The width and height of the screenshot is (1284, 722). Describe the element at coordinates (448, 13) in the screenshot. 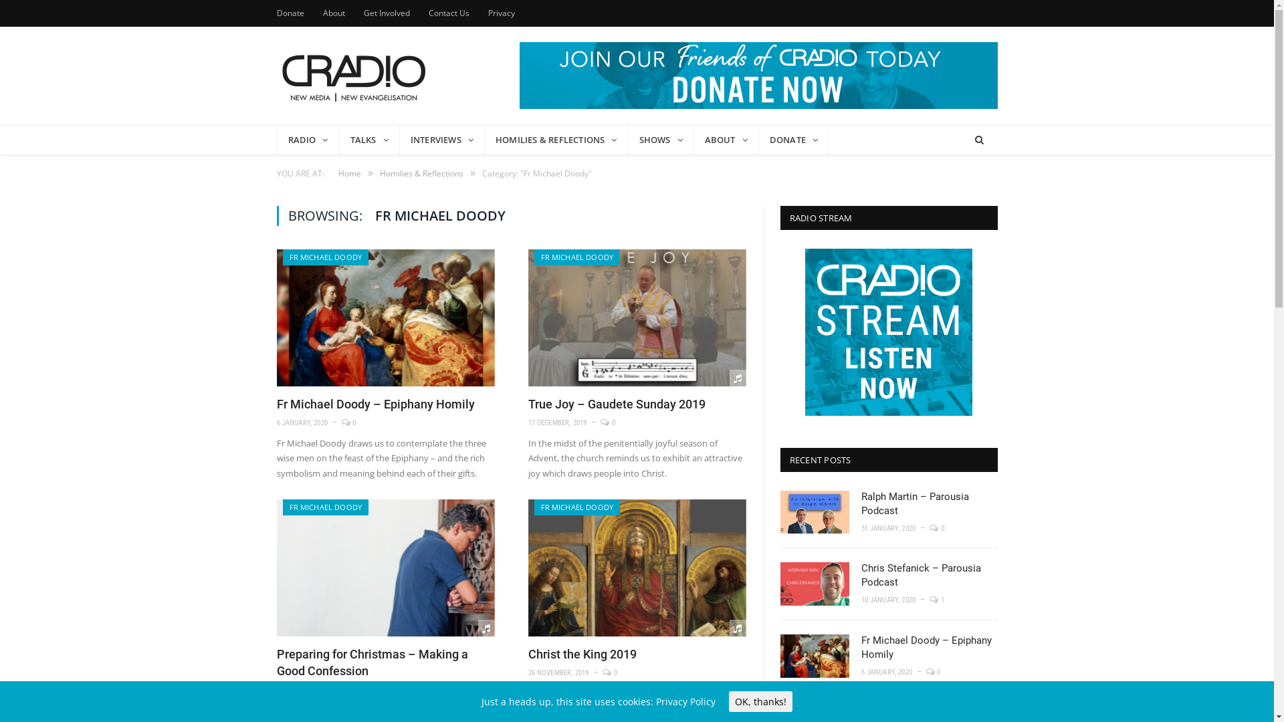

I see `'Contact Us'` at that location.